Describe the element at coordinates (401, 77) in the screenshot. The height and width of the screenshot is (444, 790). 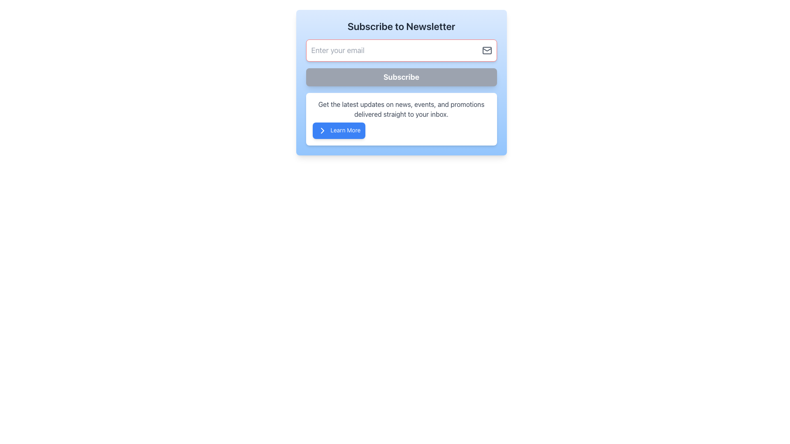
I see `the 'Subscribe' button located below the email input field in the 'Subscribe to Newsletter' section` at that location.